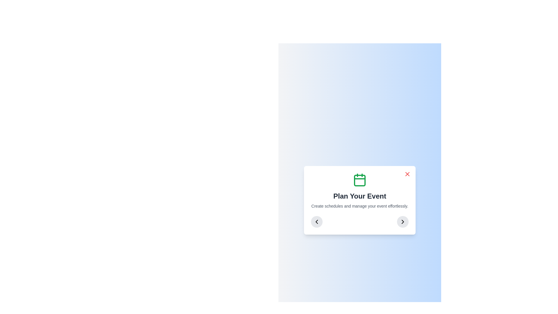 The width and height of the screenshot is (558, 314). I want to click on the left navigation button positioned within a modal interface, so click(316, 222).